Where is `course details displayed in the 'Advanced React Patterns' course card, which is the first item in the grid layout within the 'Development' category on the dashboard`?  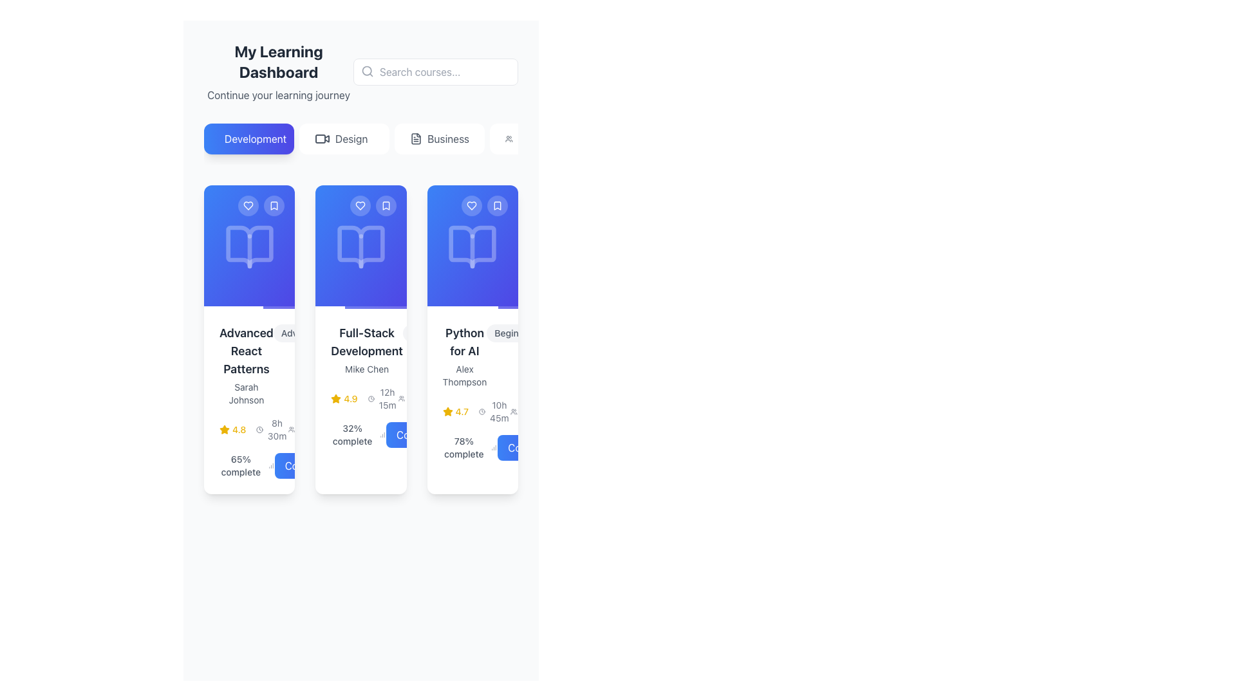 course details displayed in the 'Advanced React Patterns' course card, which is the first item in the grid layout within the 'Development' category on the dashboard is located at coordinates (249, 339).